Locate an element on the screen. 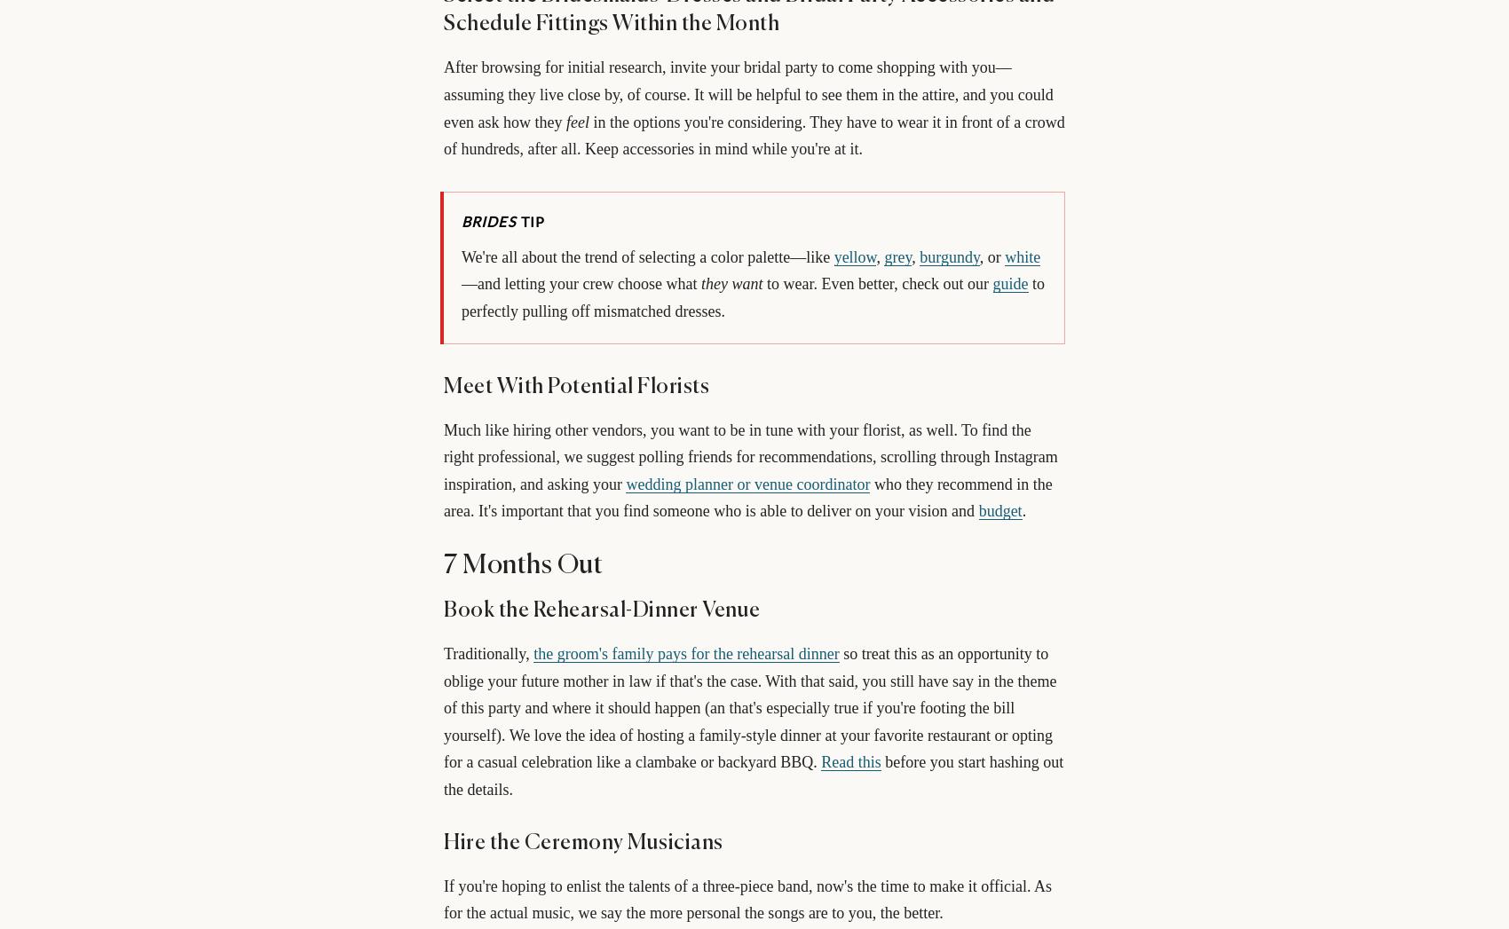 This screenshot has width=1509, height=929. '—and letting your crew choose what' is located at coordinates (462, 282).